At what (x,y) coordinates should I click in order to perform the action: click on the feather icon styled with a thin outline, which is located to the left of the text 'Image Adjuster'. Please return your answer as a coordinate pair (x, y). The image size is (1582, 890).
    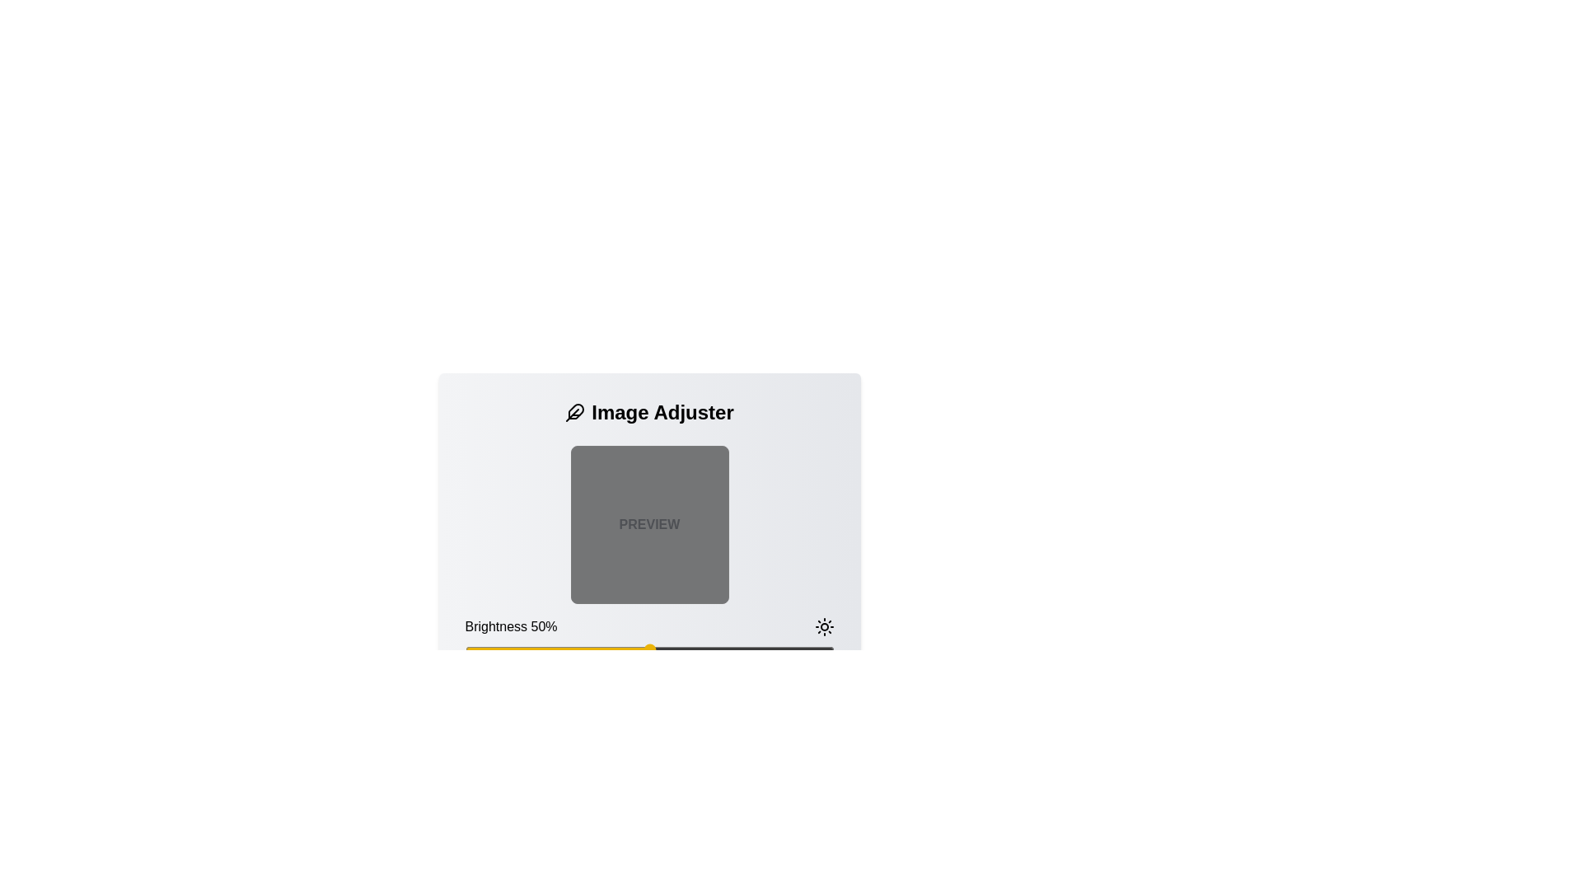
    Looking at the image, I should click on (575, 412).